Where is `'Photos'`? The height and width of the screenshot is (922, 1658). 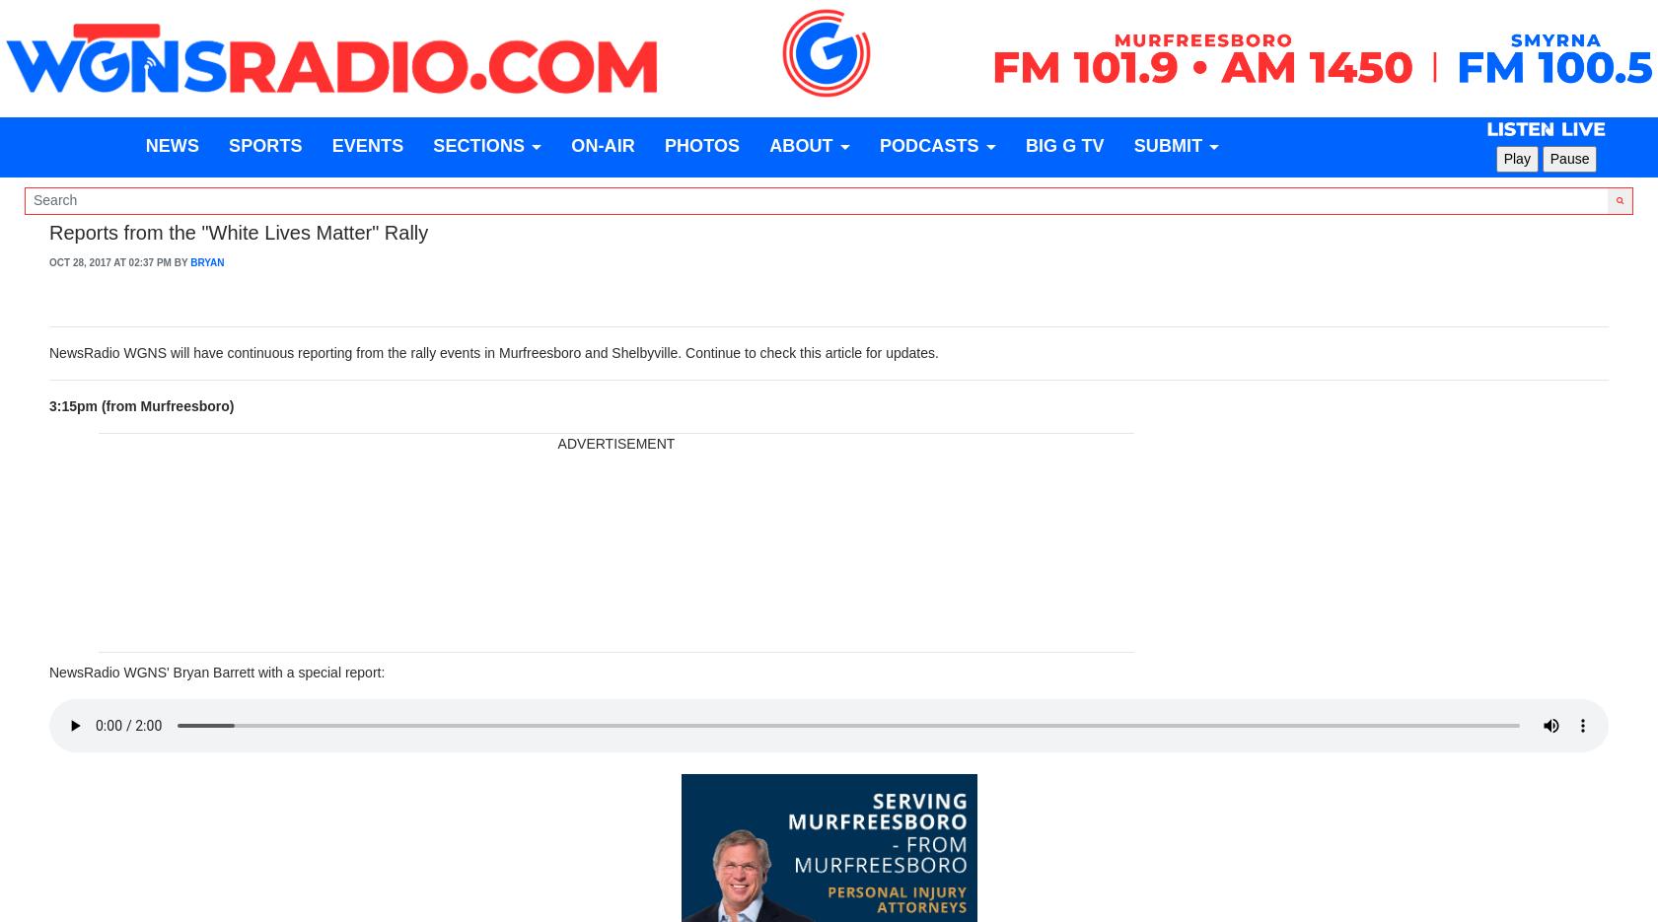 'Photos' is located at coordinates (700, 146).